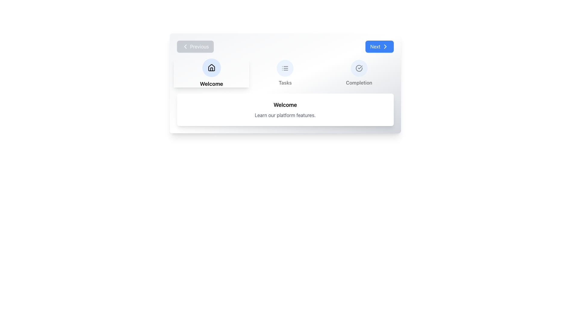  Describe the element at coordinates (185, 46) in the screenshot. I see `the Navigation Icon, which is a leftward chevron outlined in black, located within the 'Previous' button in the top-left section of the interface` at that location.